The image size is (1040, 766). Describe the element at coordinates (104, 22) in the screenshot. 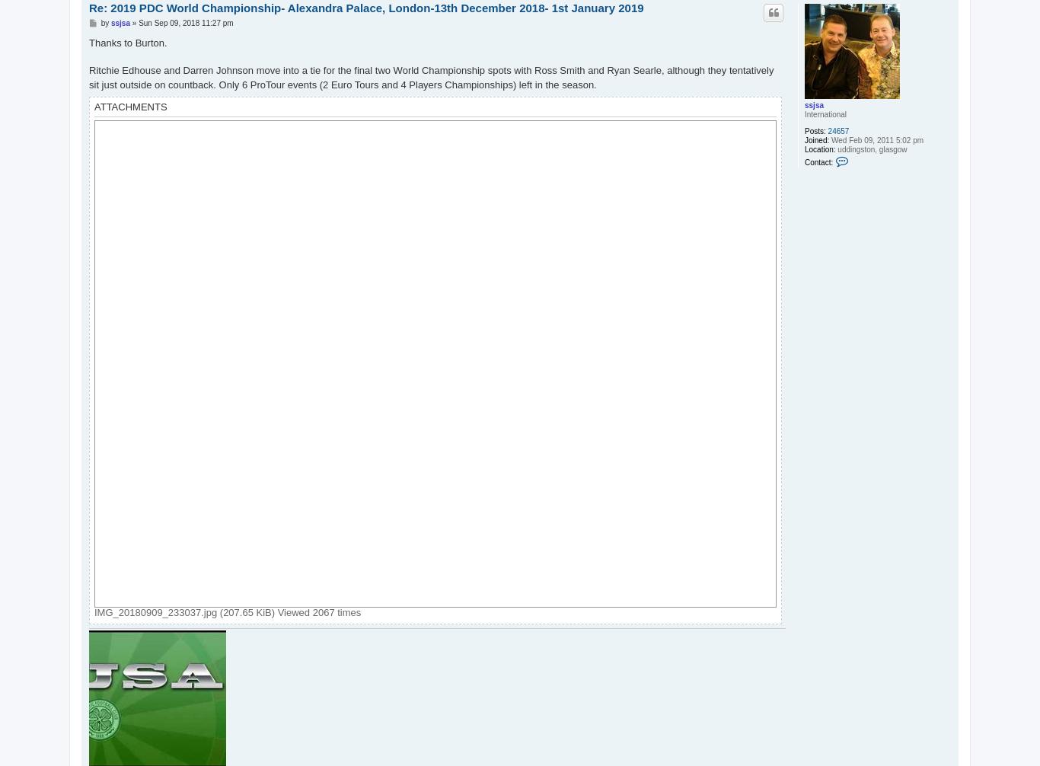

I see `'by'` at that location.